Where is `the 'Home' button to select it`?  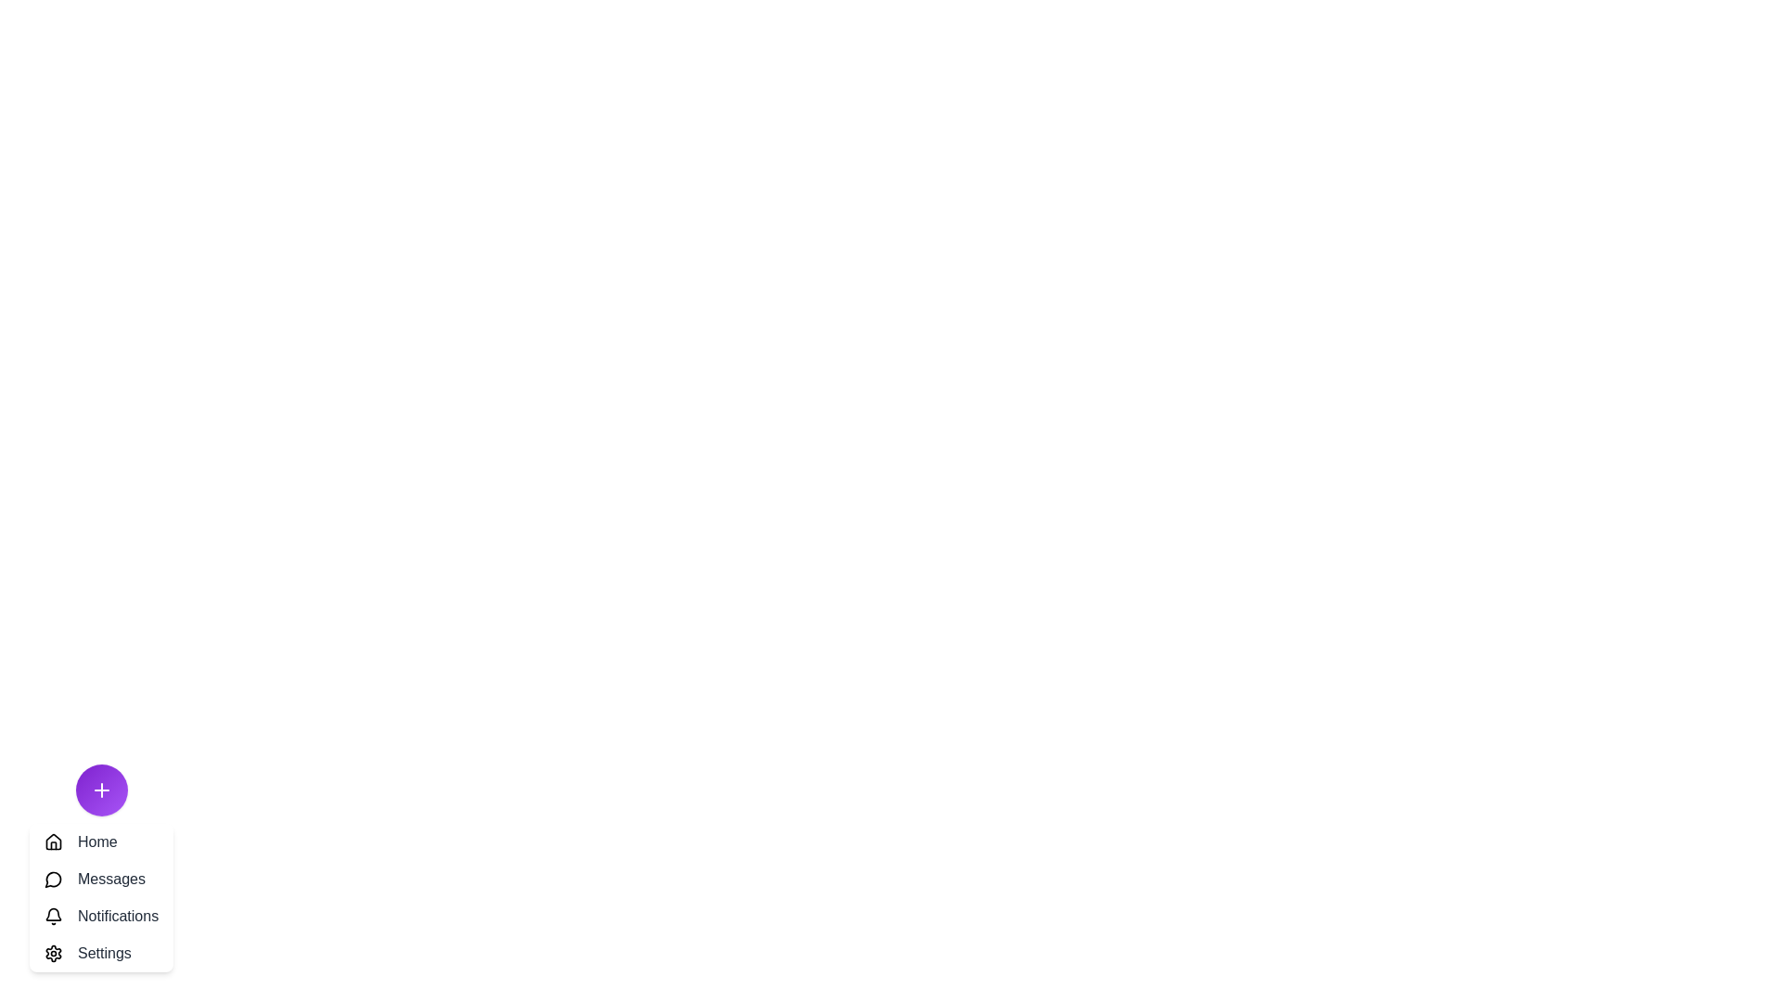 the 'Home' button to select it is located at coordinates (100, 841).